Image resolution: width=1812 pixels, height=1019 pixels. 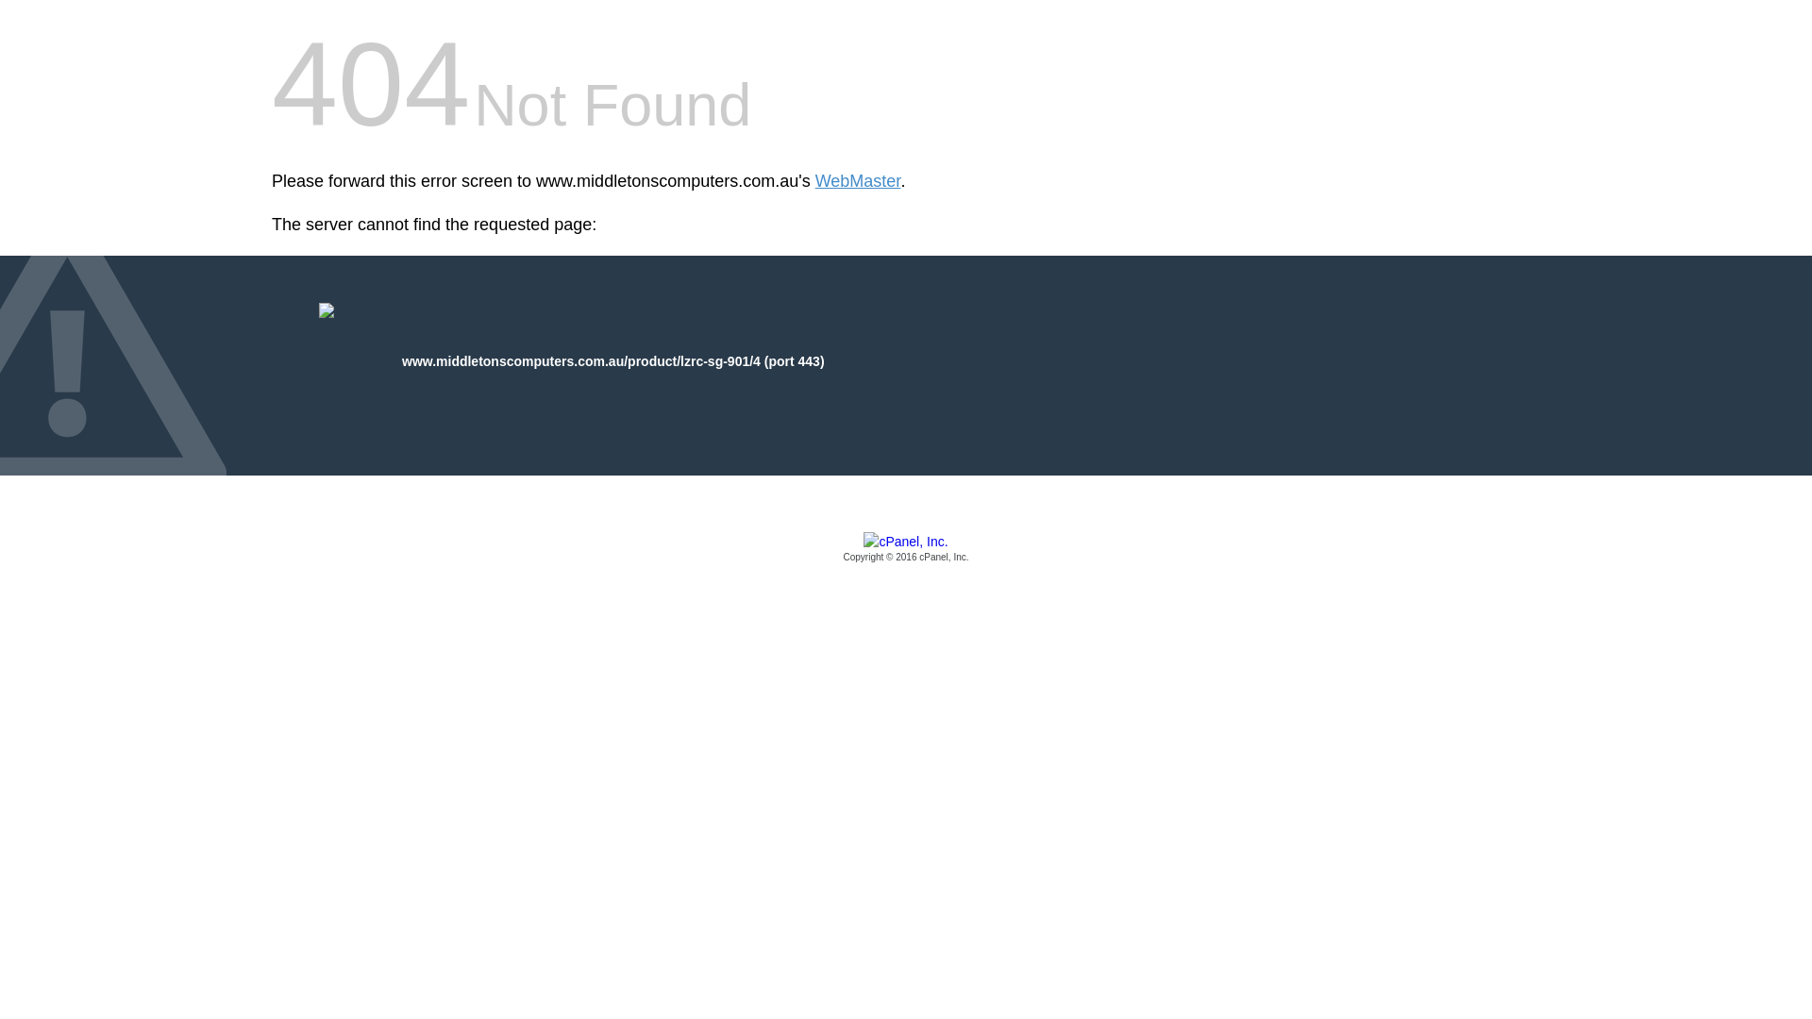 I want to click on 'WebMaster', so click(x=815, y=181).